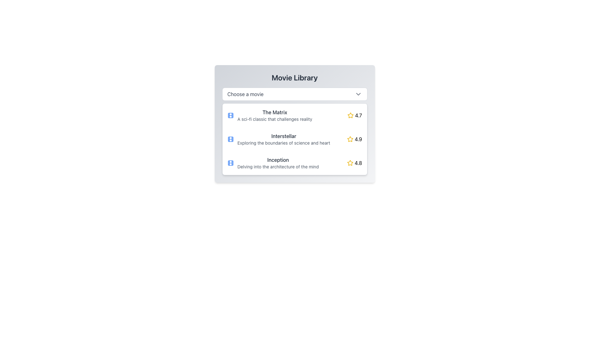 This screenshot has width=601, height=338. What do you see at coordinates (230, 162) in the screenshot?
I see `the small, square-shaped blue film reel icon located to the left of the movie title 'Inception' in the third row of the movie list` at bounding box center [230, 162].